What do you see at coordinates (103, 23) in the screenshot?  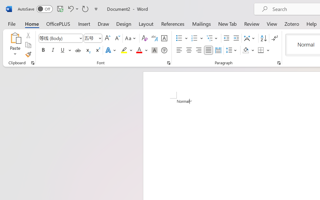 I see `'Draw'` at bounding box center [103, 23].